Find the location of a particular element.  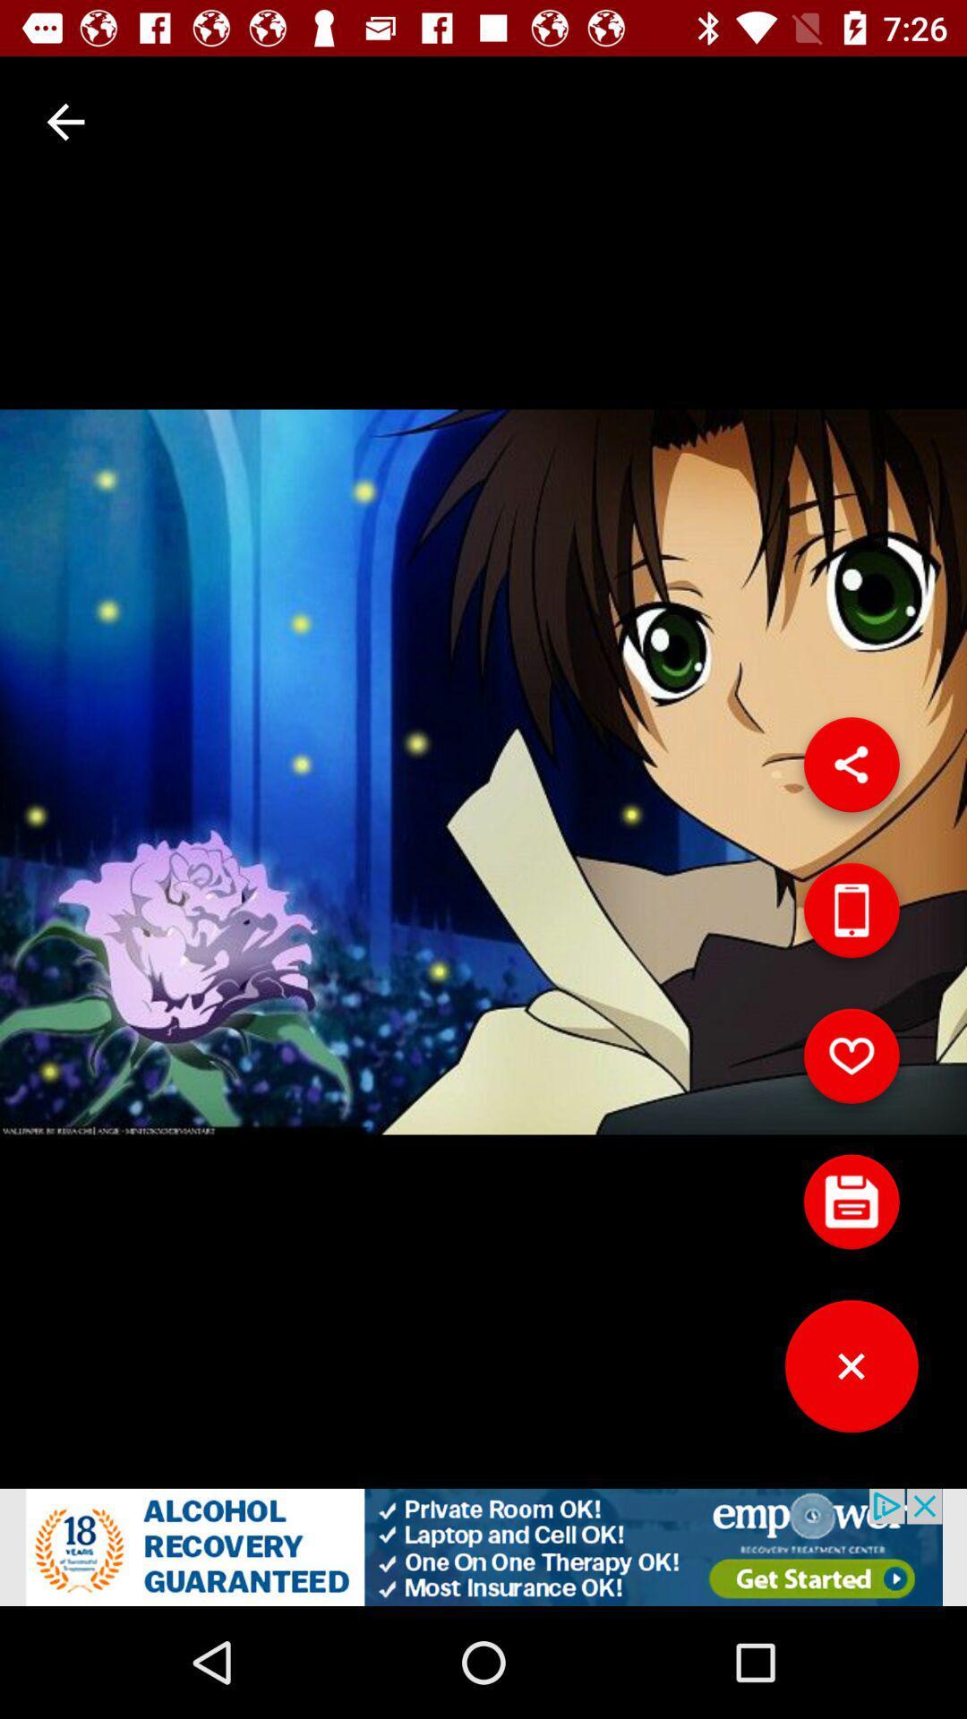

like is located at coordinates (851, 1063).